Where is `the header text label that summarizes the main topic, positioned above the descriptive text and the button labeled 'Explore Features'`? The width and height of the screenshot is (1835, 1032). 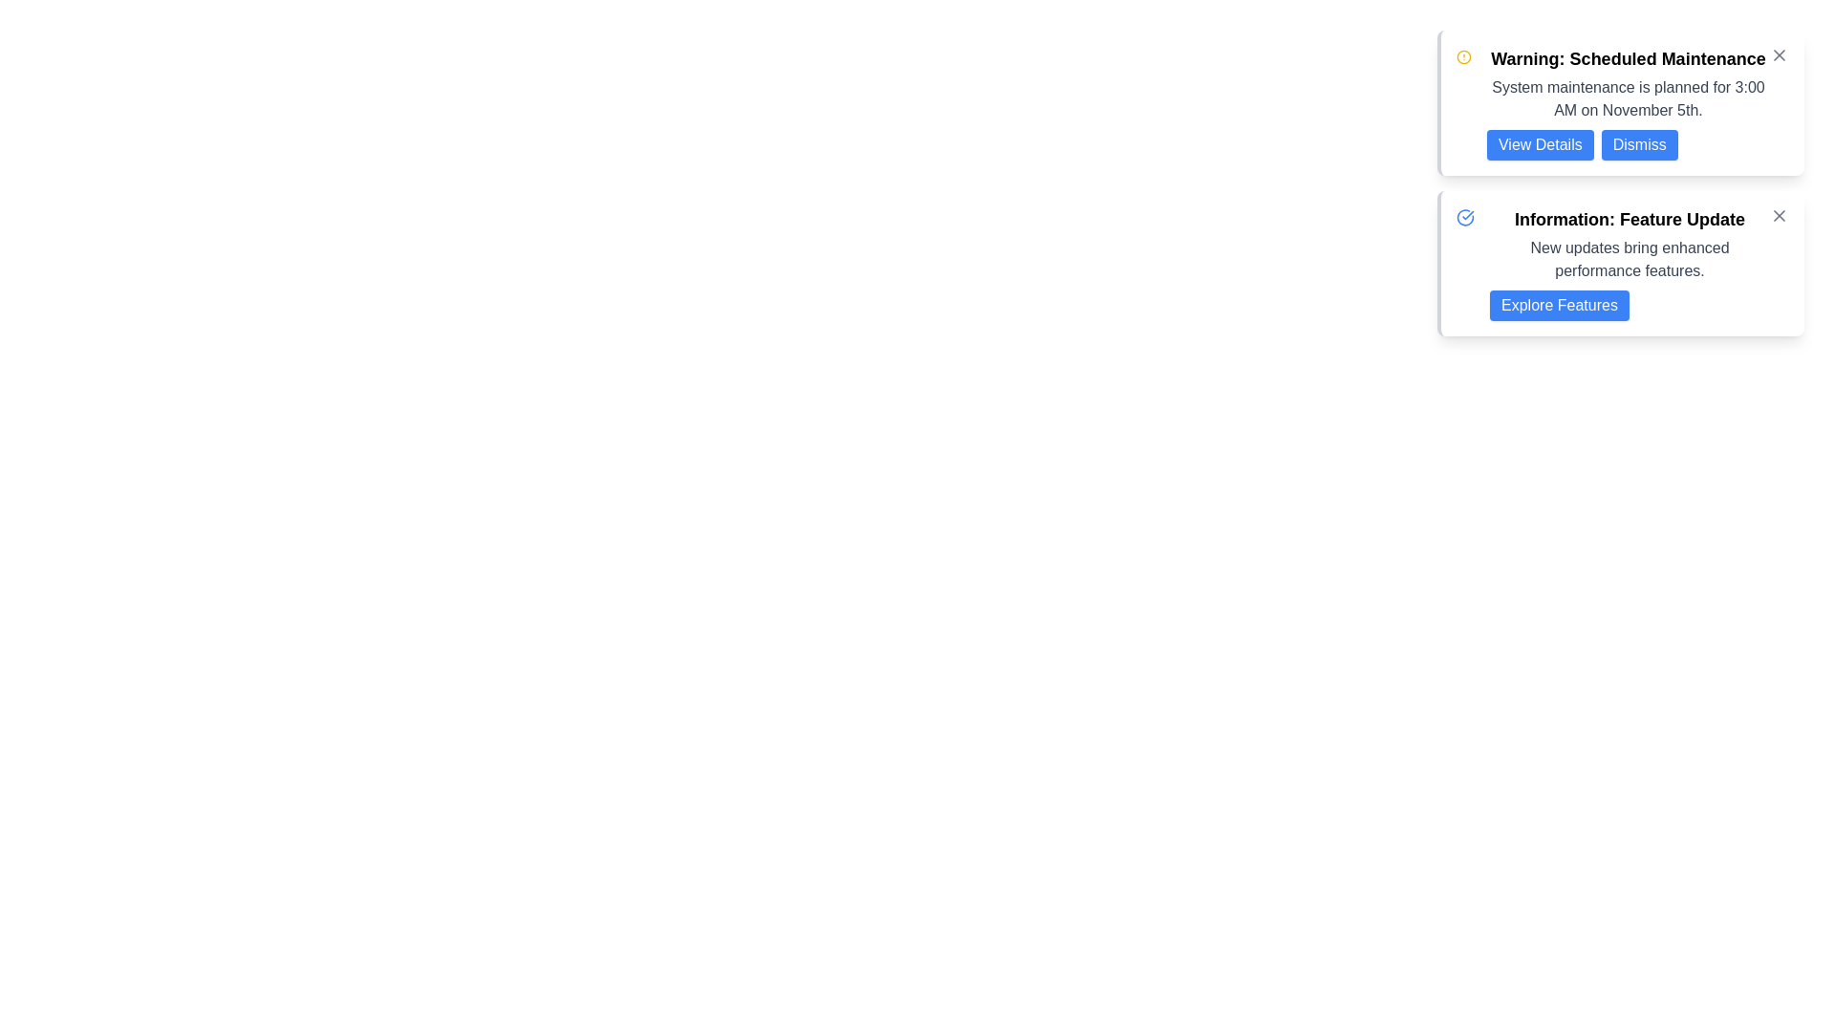 the header text label that summarizes the main topic, positioned above the descriptive text and the button labeled 'Explore Features' is located at coordinates (1629, 219).